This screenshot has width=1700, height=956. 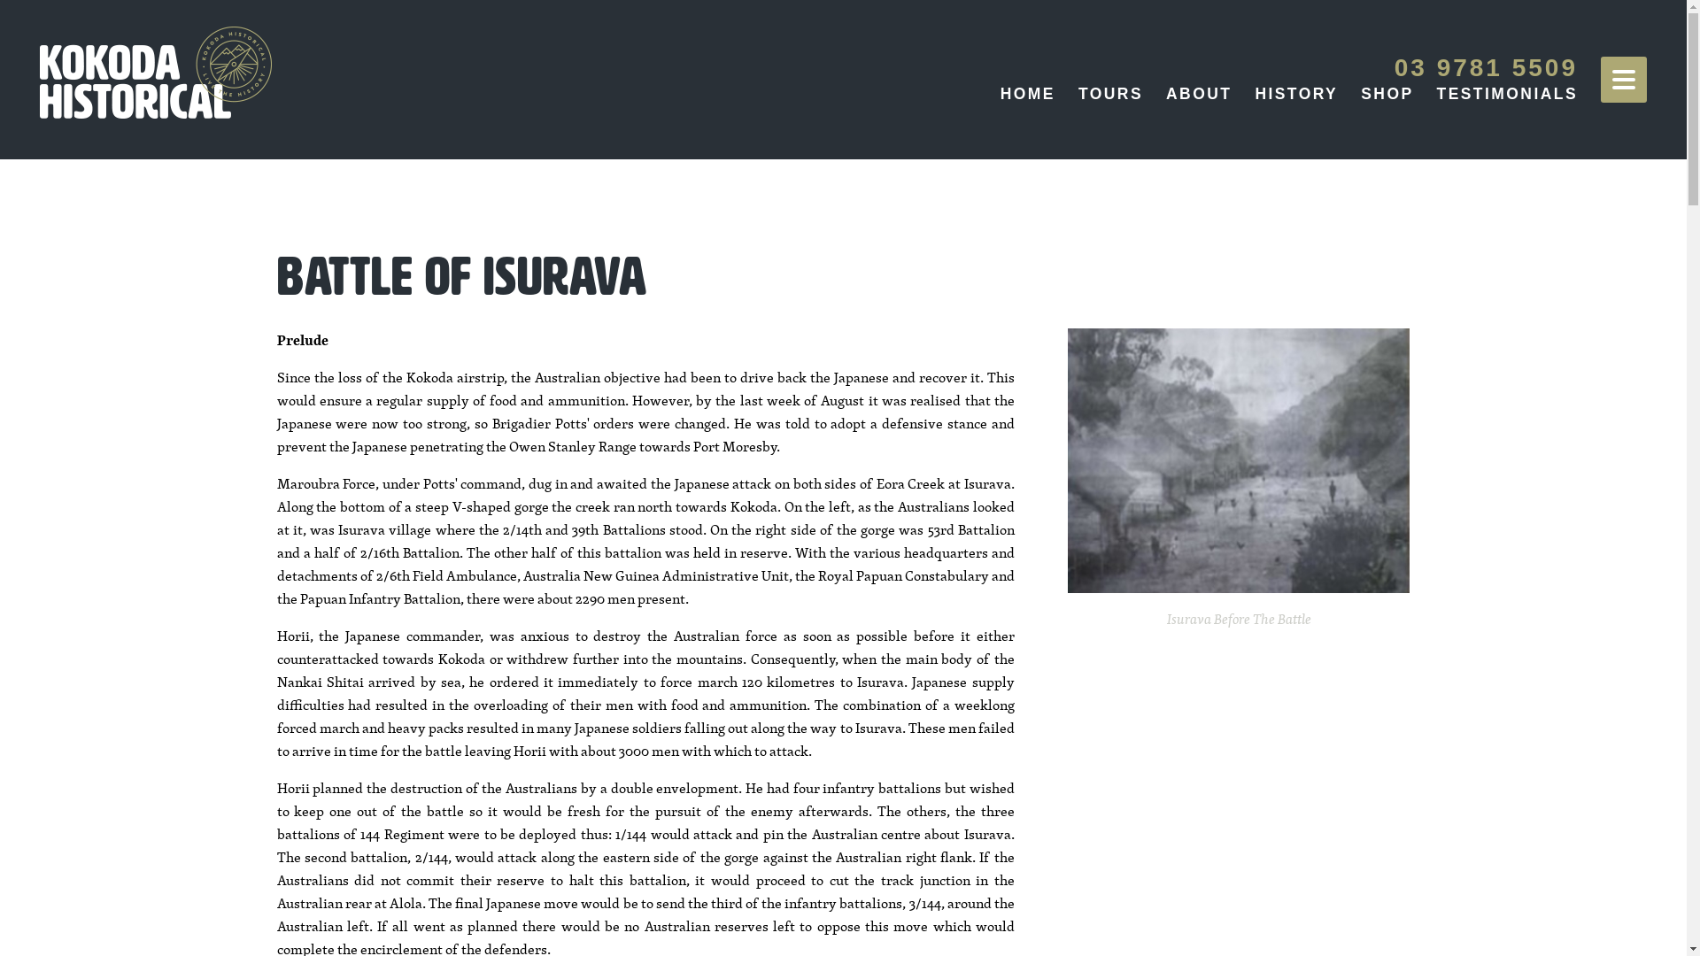 I want to click on 'HISTORY', so click(x=1296, y=93).